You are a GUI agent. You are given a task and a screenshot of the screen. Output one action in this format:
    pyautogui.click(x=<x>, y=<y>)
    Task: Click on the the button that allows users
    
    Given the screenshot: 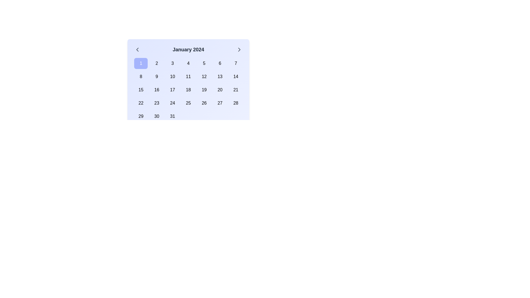 What is the action you would take?
    pyautogui.click(x=188, y=76)
    